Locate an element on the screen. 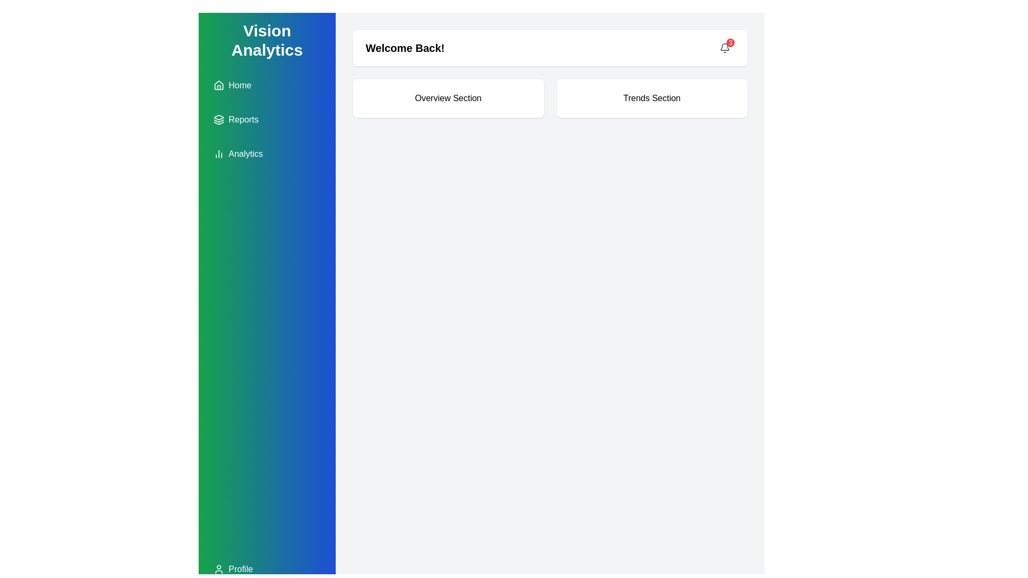 The image size is (1028, 578). the decorative 'Reports' icon which visually represents the 'Reports' menu item, positioned to the left of the text 'Reports' is located at coordinates (218, 119).